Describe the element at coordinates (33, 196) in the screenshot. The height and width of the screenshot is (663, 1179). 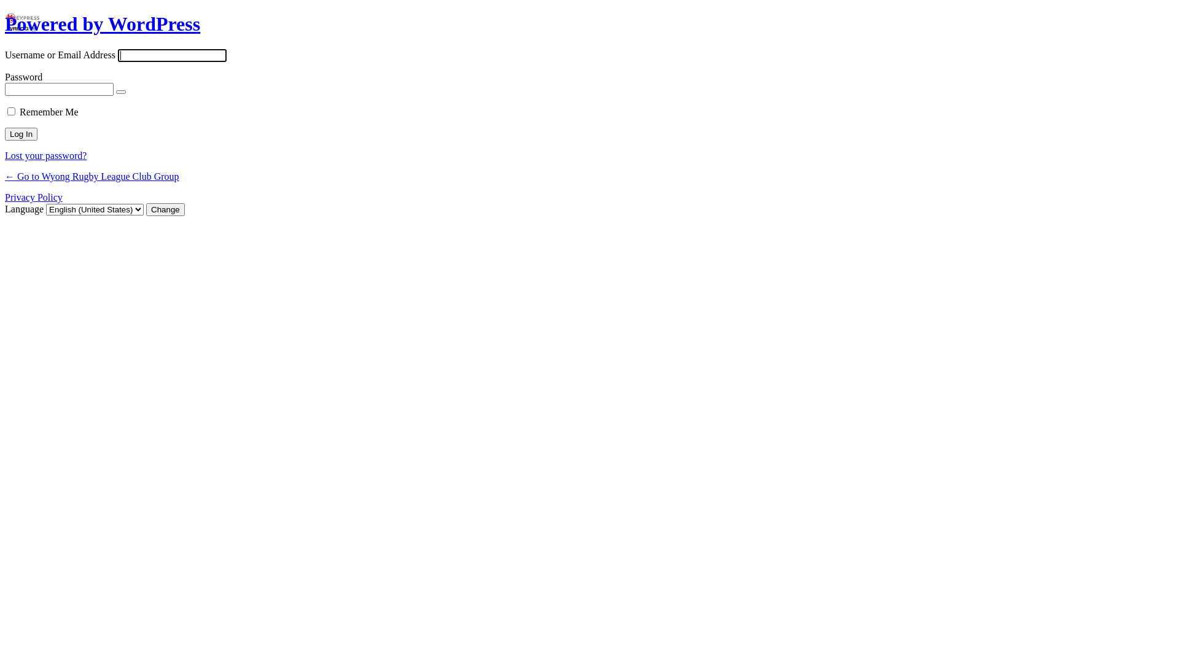
I see `'Privacy Policy'` at that location.